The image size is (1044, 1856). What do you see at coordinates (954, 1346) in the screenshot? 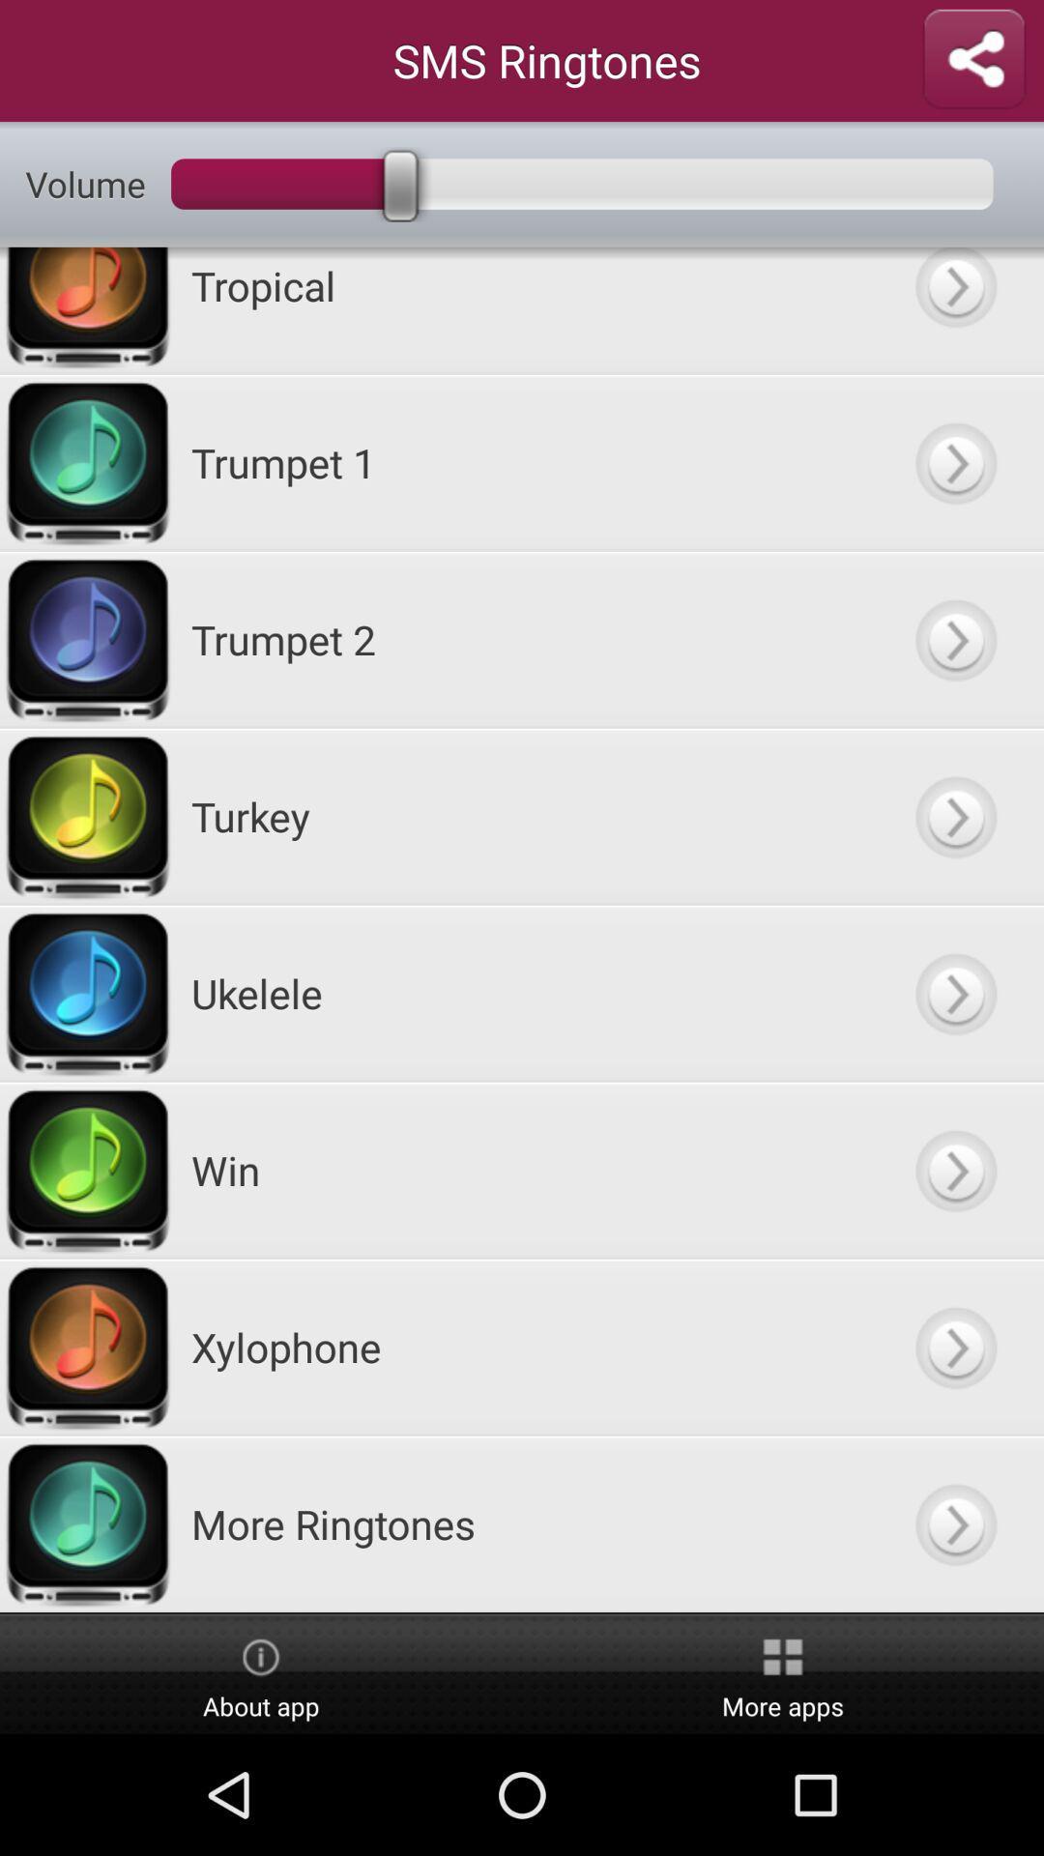
I see `increase` at bounding box center [954, 1346].